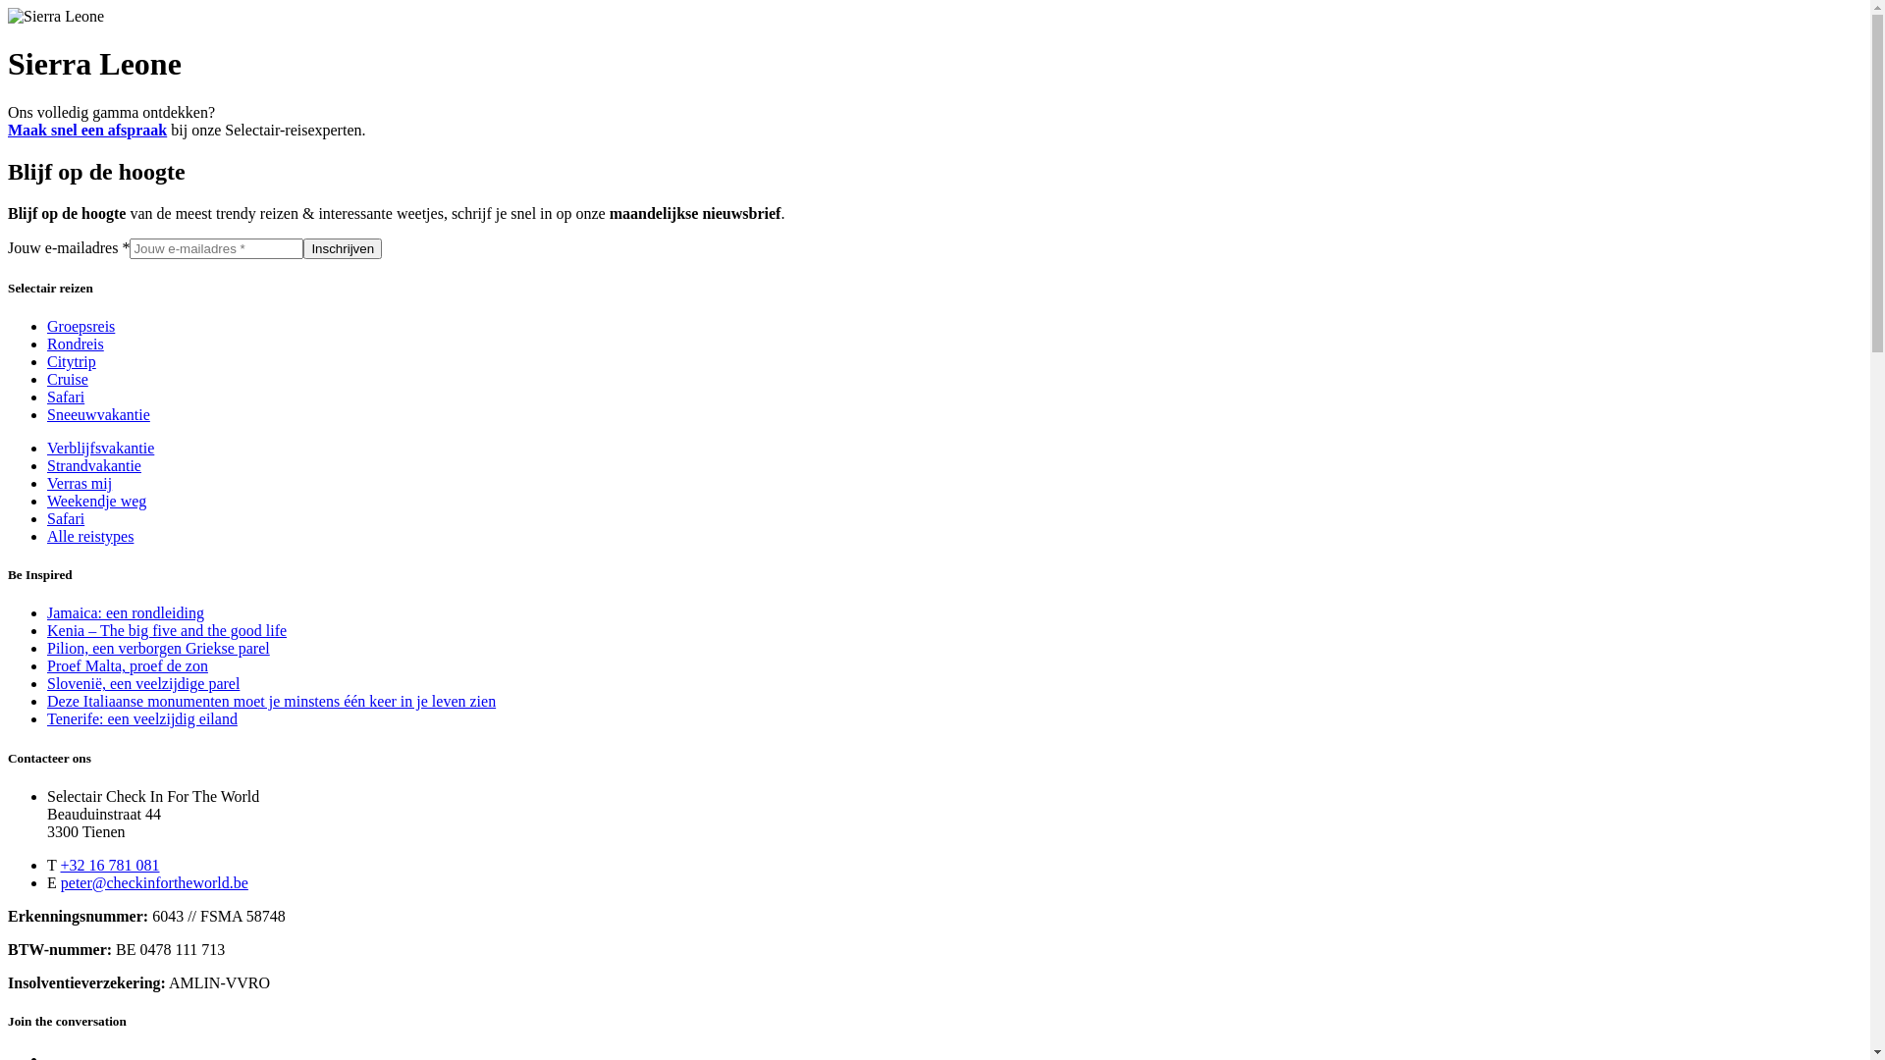  Describe the element at coordinates (93, 465) in the screenshot. I see `'Strandvakantie'` at that location.